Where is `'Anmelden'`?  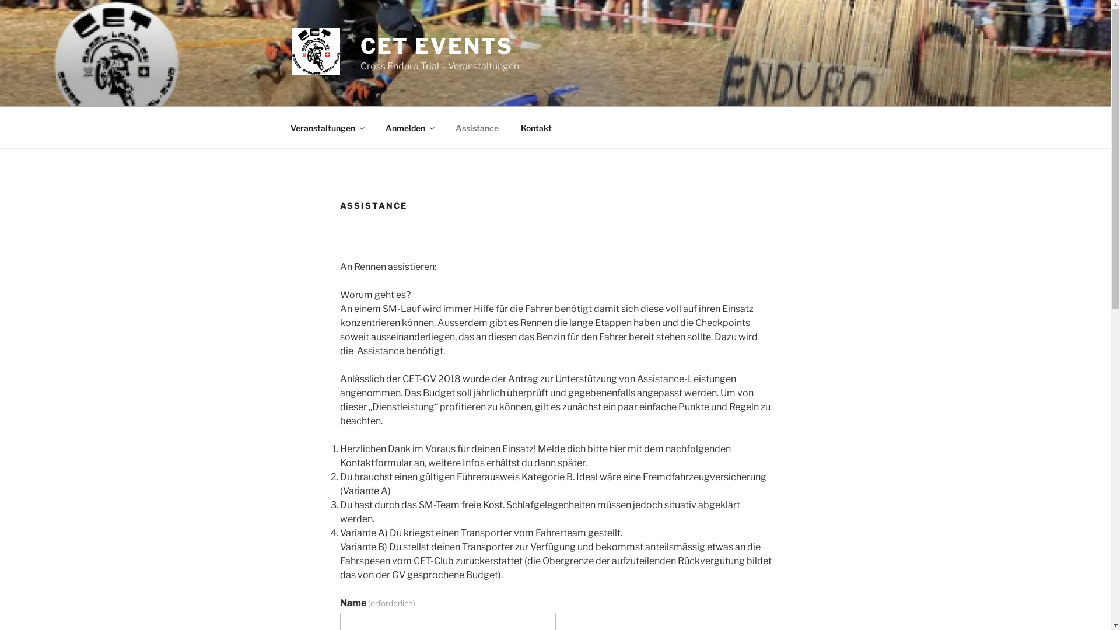 'Anmelden' is located at coordinates (409, 127).